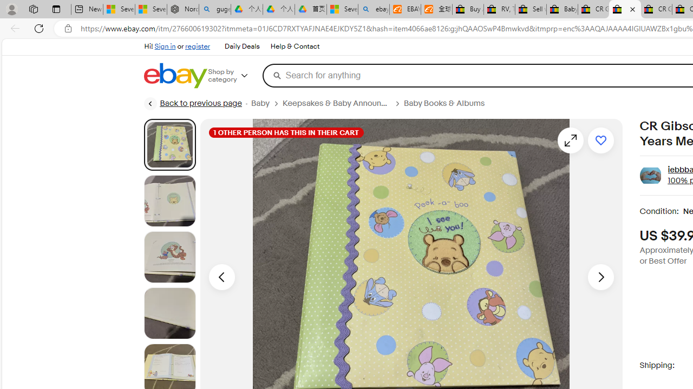 This screenshot has height=389, width=693. What do you see at coordinates (650, 175) in the screenshot?
I see `'Class: ux-action'` at bounding box center [650, 175].